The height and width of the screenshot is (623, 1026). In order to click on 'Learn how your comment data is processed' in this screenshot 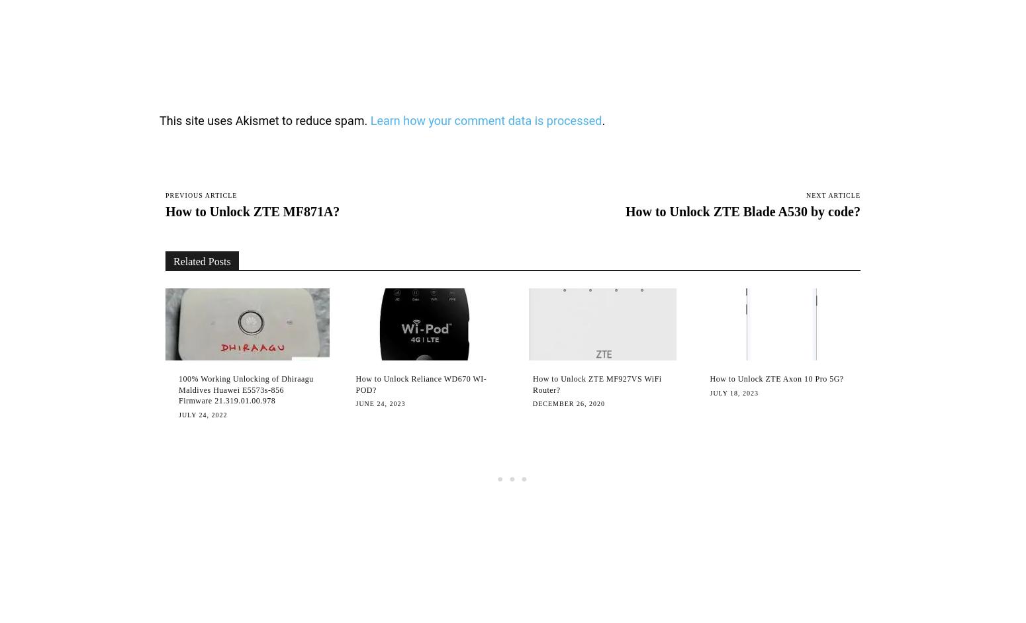, I will do `click(369, 119)`.